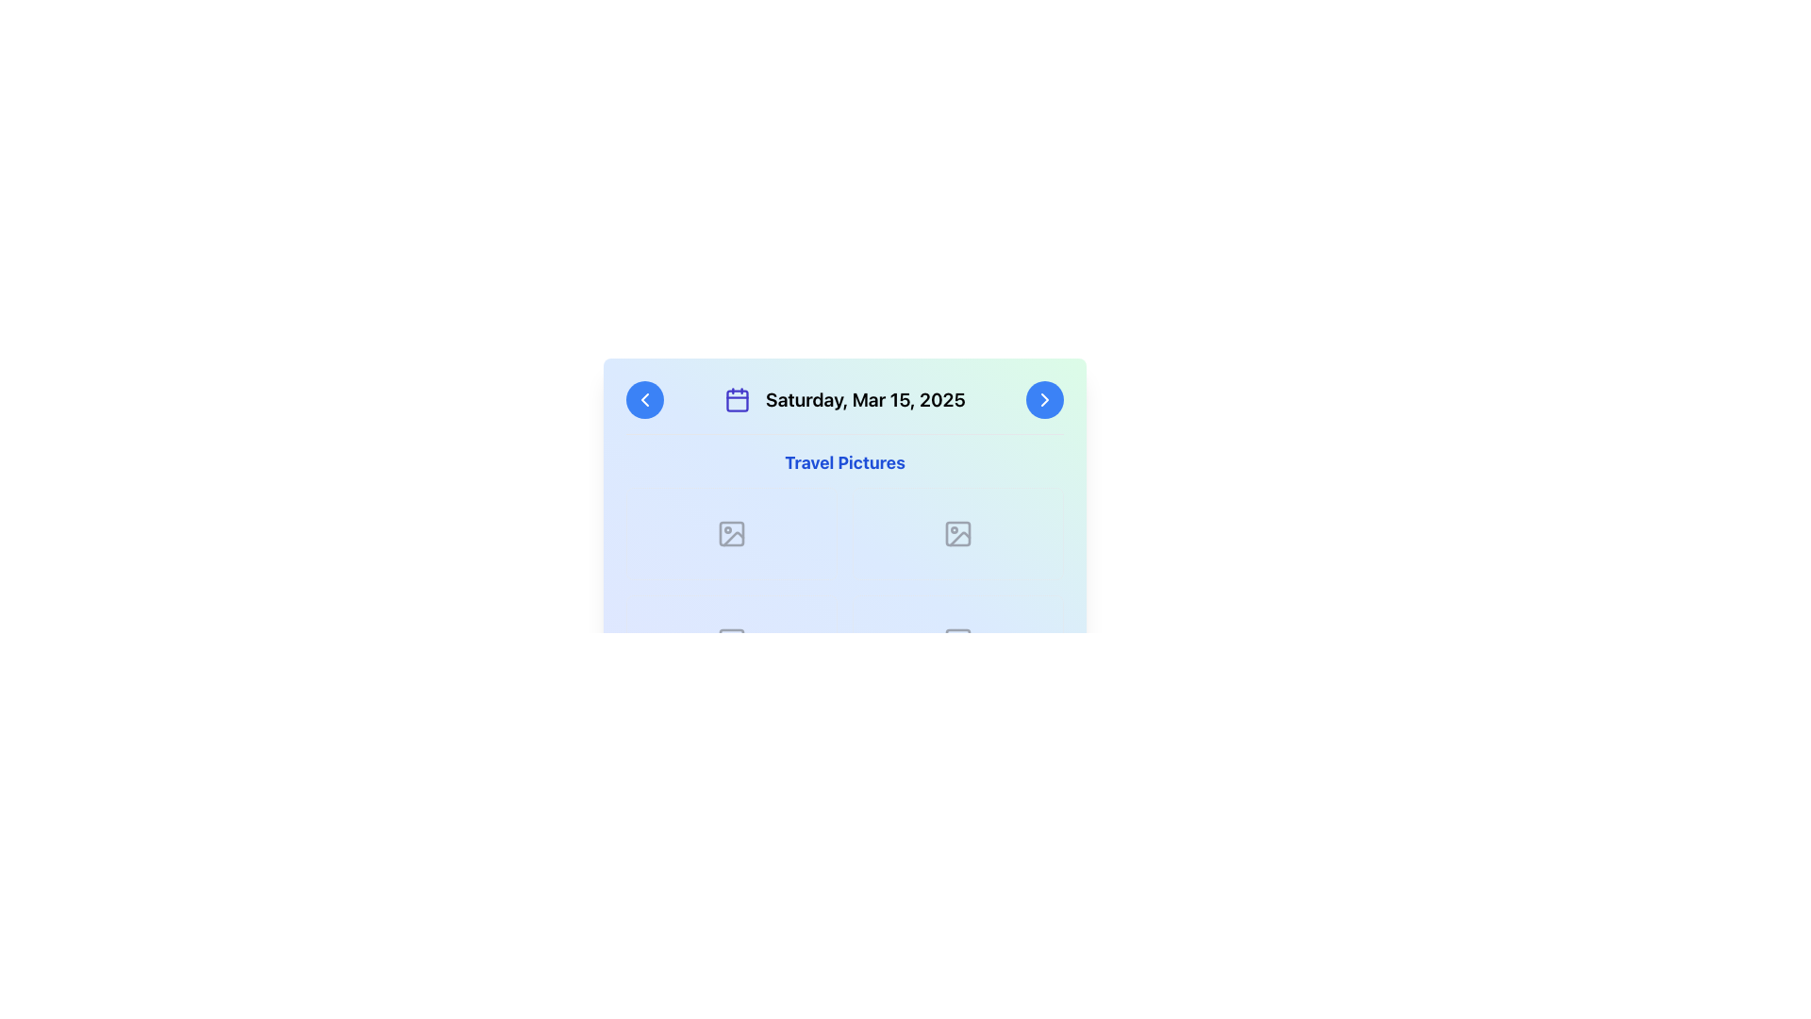 This screenshot has width=1811, height=1019. I want to click on the gray image icon located in the bottom-center position of a grid layout of similar icons, so click(731, 640).